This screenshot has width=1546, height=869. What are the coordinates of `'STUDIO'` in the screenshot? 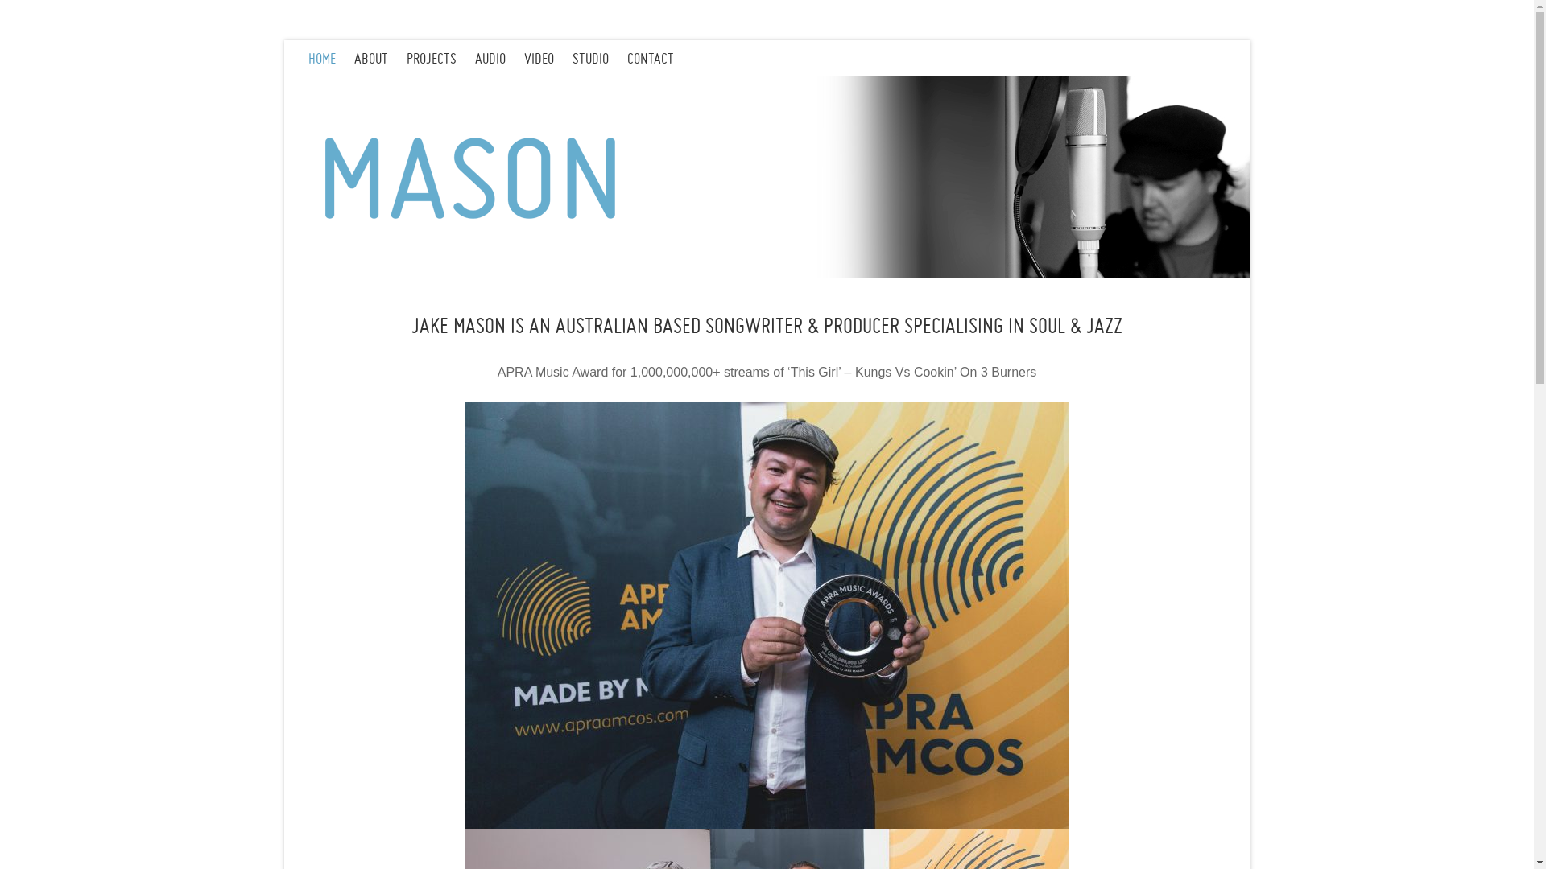 It's located at (572, 57).